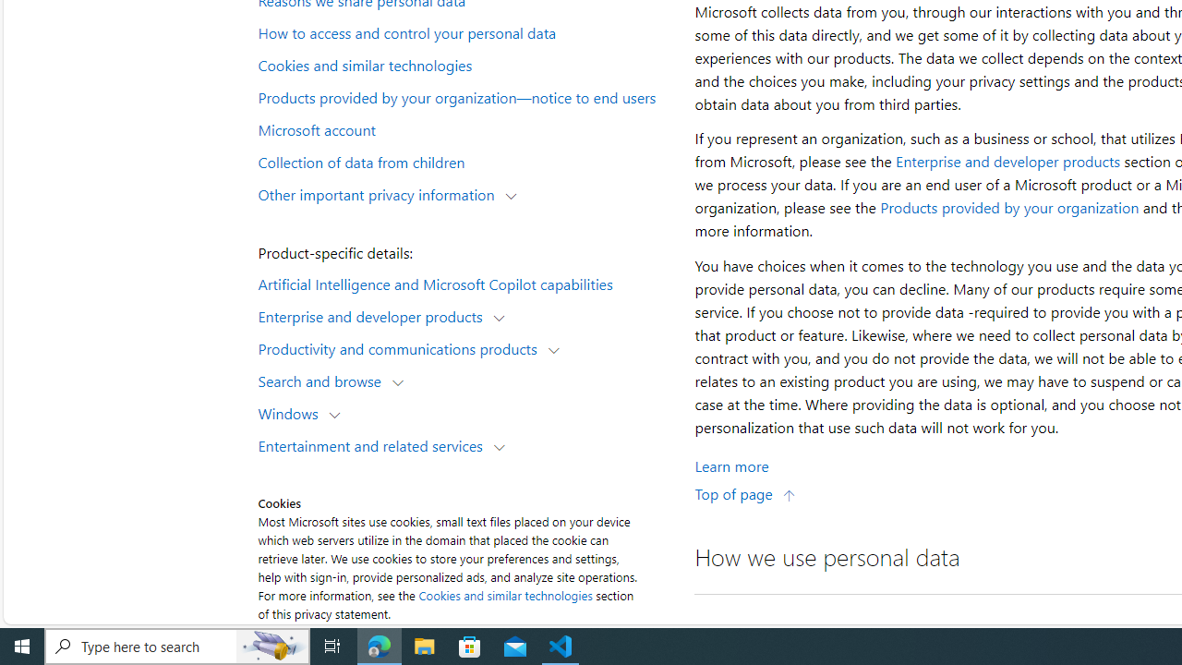  Describe the element at coordinates (380, 193) in the screenshot. I see `'Other important privacy information'` at that location.